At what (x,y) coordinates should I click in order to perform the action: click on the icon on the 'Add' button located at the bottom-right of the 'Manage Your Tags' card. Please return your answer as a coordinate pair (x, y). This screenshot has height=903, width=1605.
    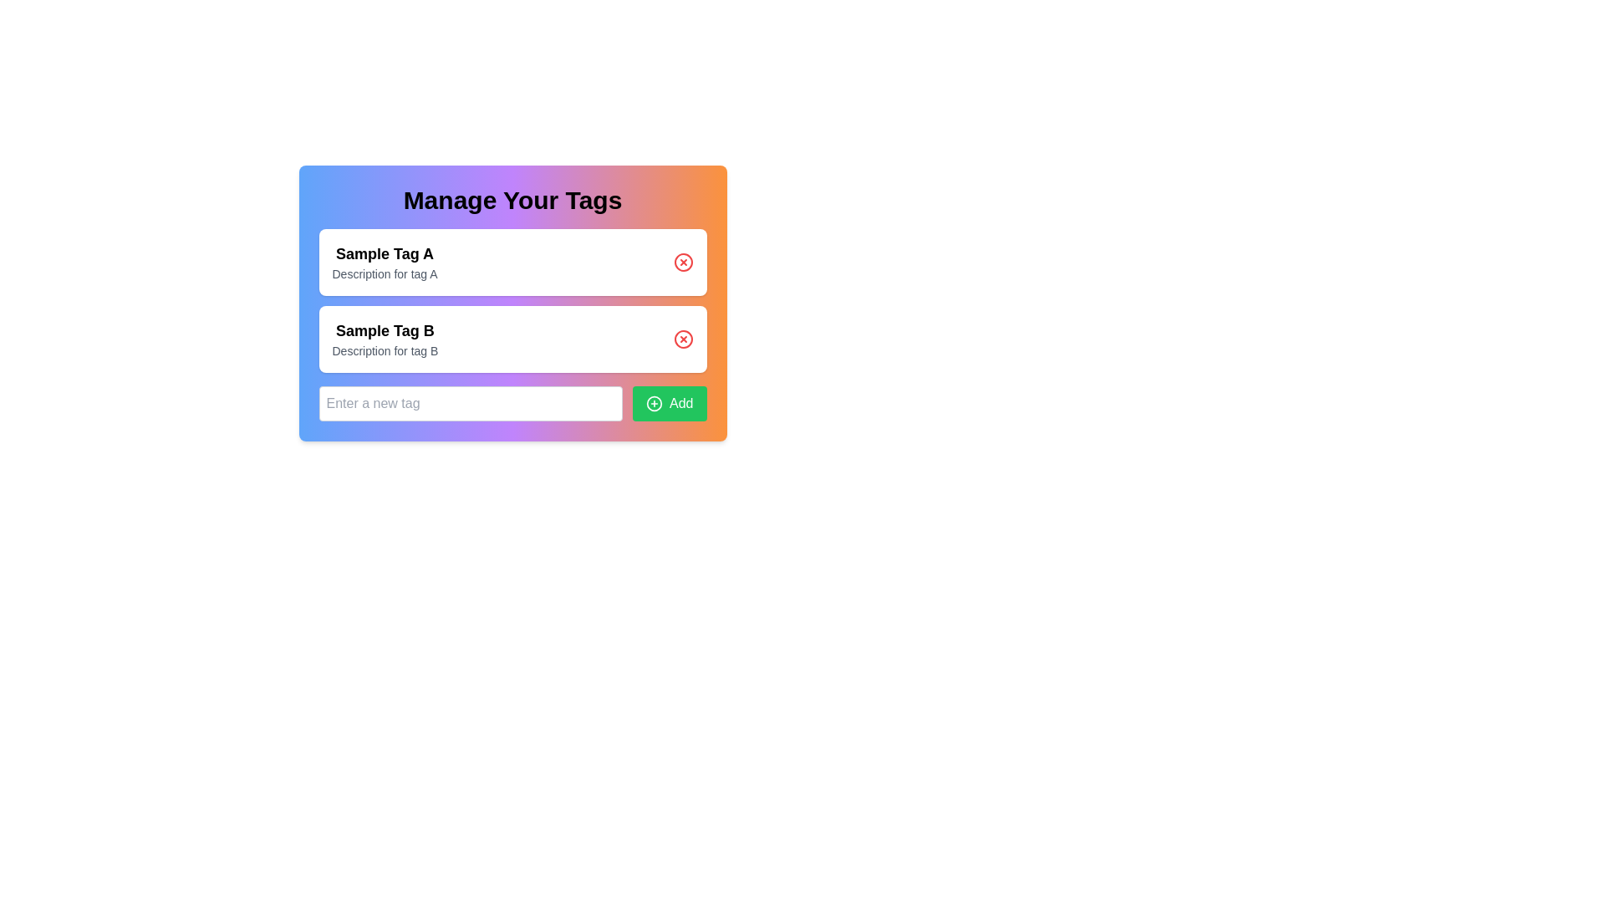
    Looking at the image, I should click on (653, 403).